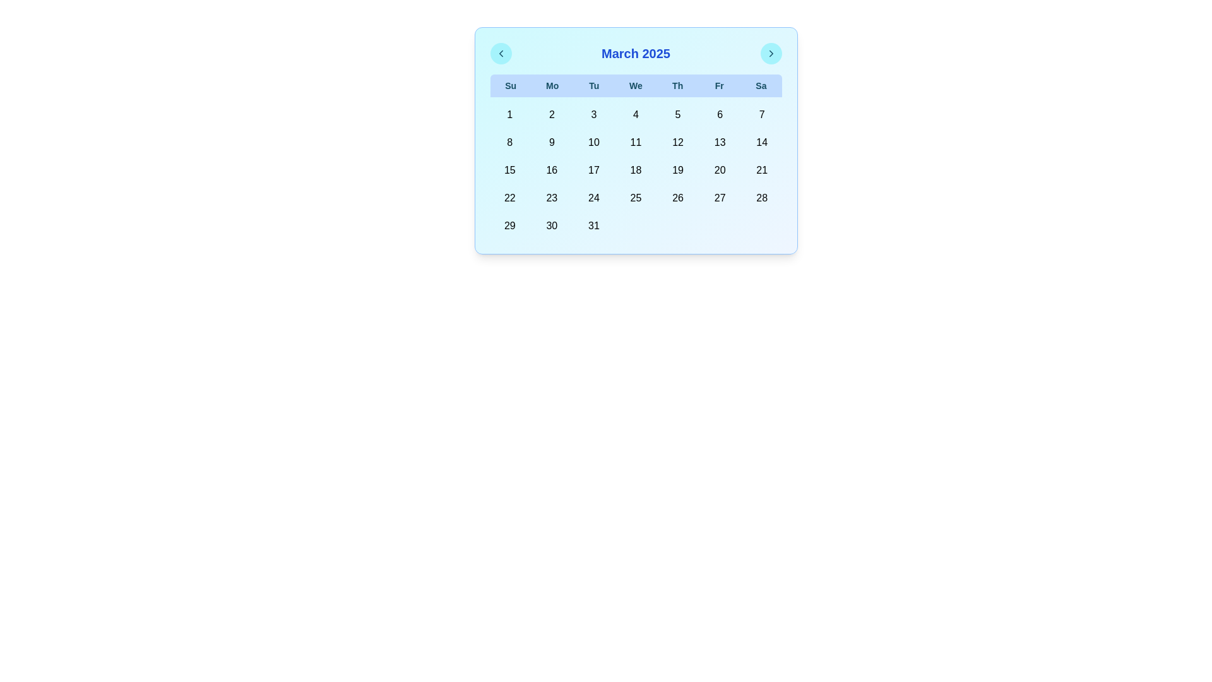 The width and height of the screenshot is (1212, 682). Describe the element at coordinates (593, 142) in the screenshot. I see `the button displaying the date '10' in the calendar for March 2025` at that location.